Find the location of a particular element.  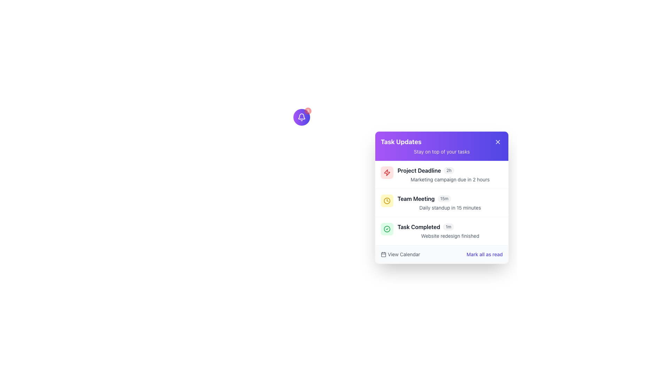

the bell icon, which is a small, stylized white bell symbol centered within a circular purple gradient background is located at coordinates (301, 117).